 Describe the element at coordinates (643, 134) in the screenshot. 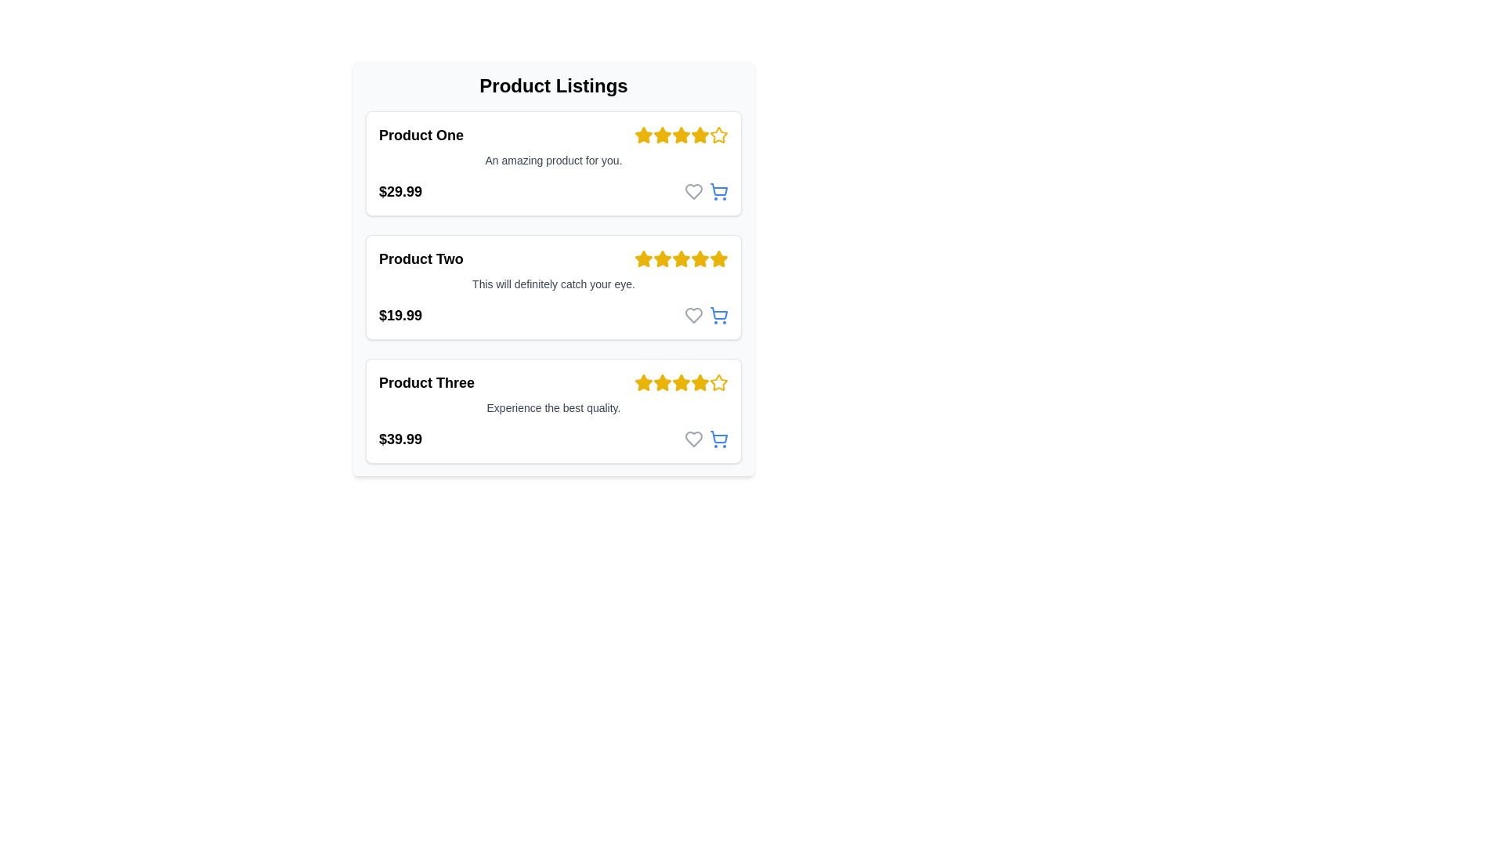

I see `the first star icon in the rating system for 'Product One'` at that location.